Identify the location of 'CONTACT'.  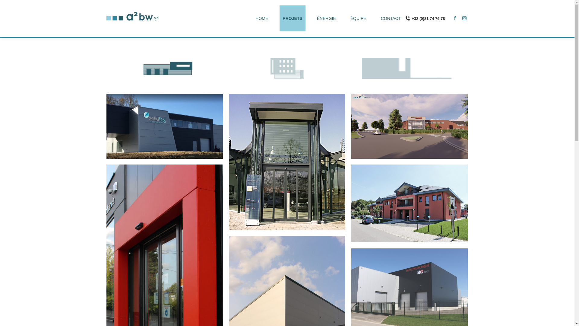
(377, 18).